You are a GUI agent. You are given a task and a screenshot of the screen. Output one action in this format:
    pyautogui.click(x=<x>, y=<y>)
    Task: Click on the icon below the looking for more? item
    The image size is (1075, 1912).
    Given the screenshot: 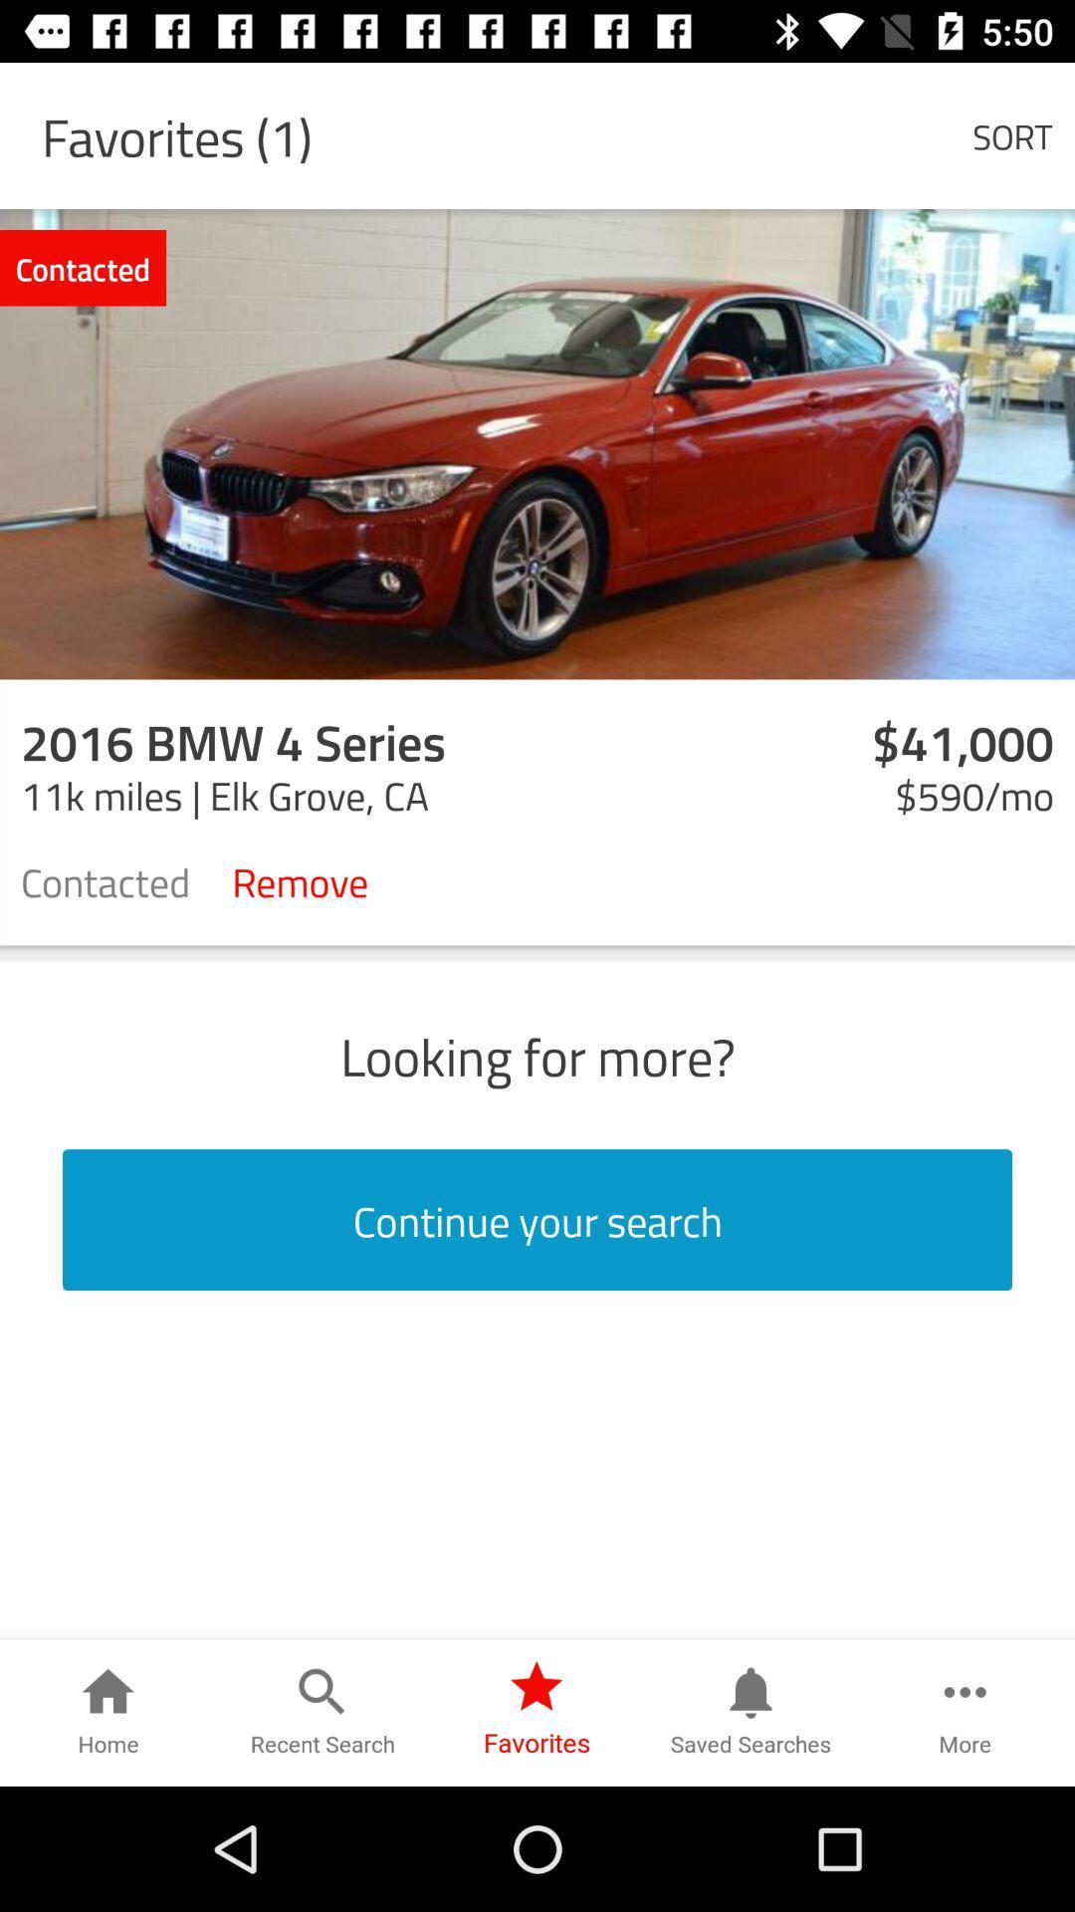 What is the action you would take?
    pyautogui.click(x=537, y=1219)
    